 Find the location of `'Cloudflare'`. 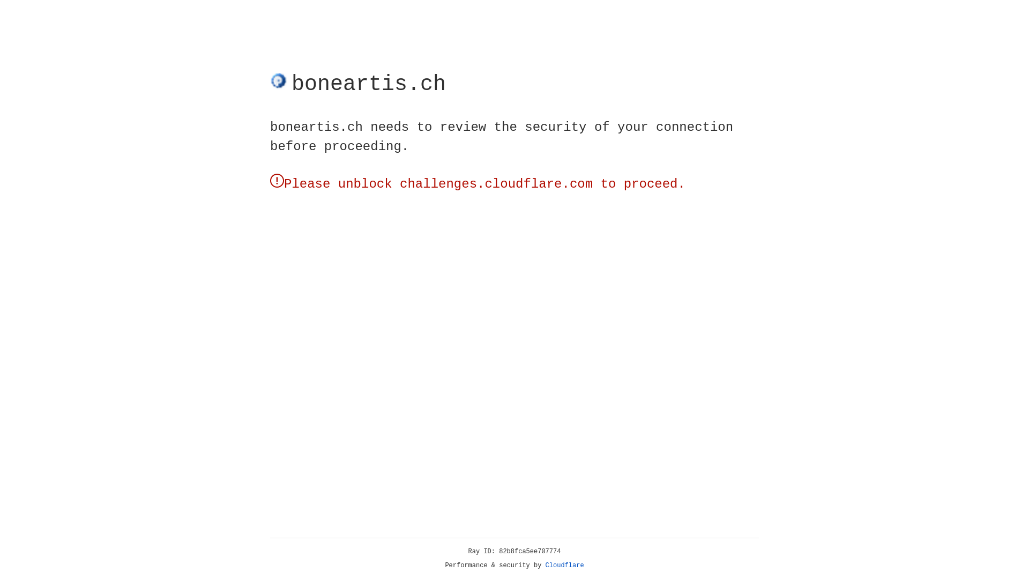

'Cloudflare' is located at coordinates (564, 565).